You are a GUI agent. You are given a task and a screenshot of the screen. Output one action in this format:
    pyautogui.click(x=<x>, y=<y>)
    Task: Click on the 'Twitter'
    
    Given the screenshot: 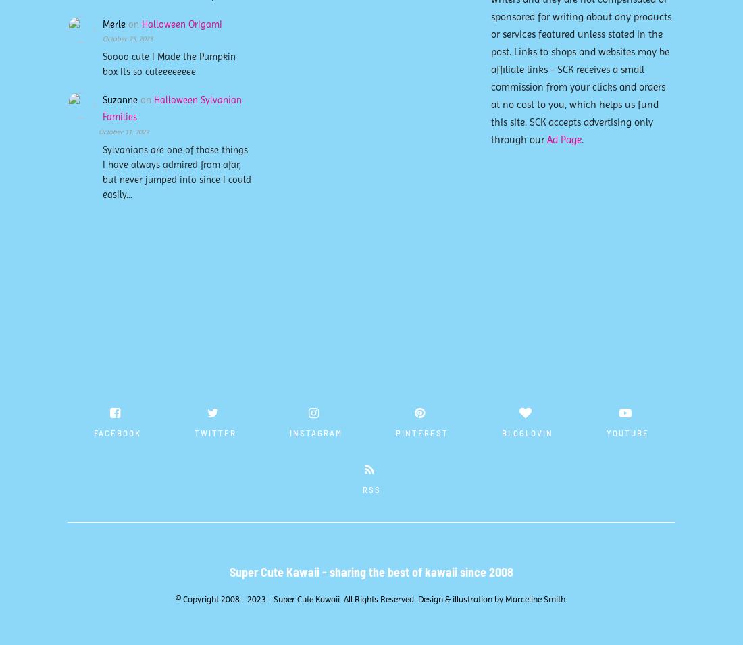 What is the action you would take?
    pyautogui.click(x=193, y=432)
    